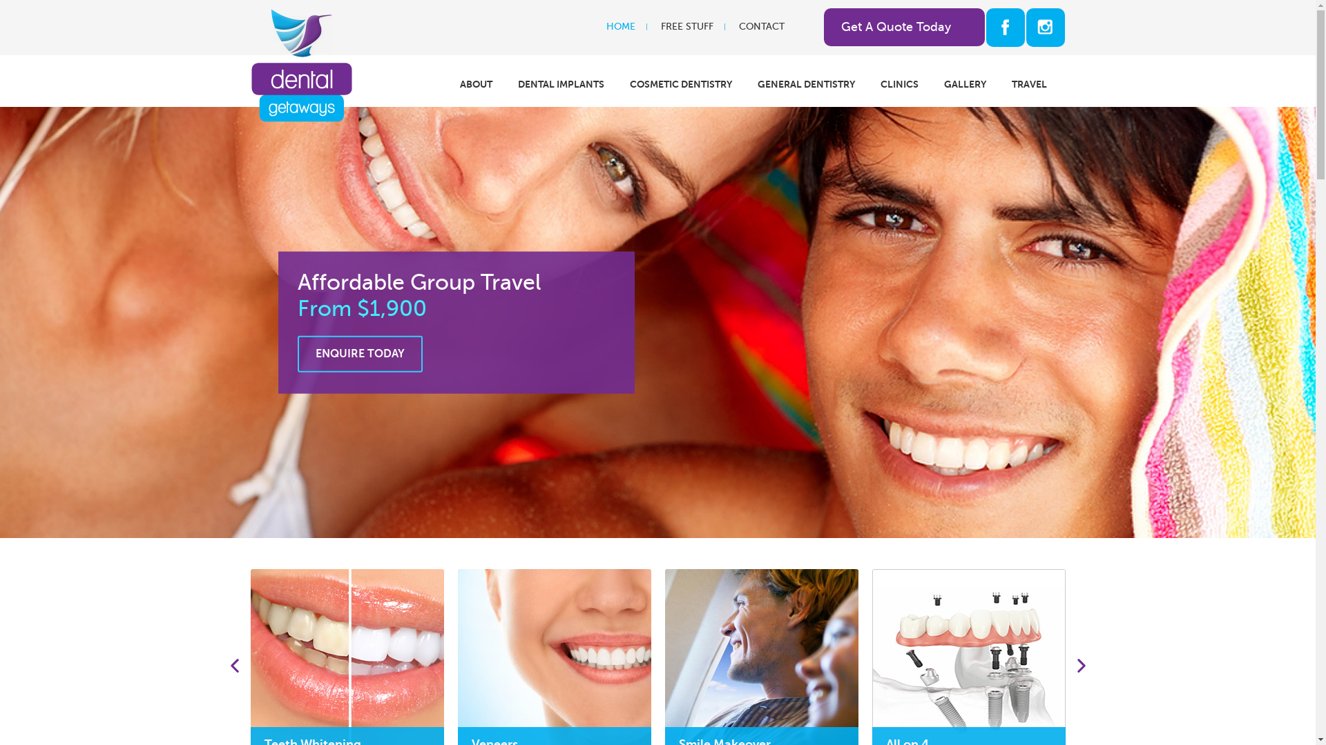  I want to click on 'ENQUIRE TODAY', so click(359, 353).